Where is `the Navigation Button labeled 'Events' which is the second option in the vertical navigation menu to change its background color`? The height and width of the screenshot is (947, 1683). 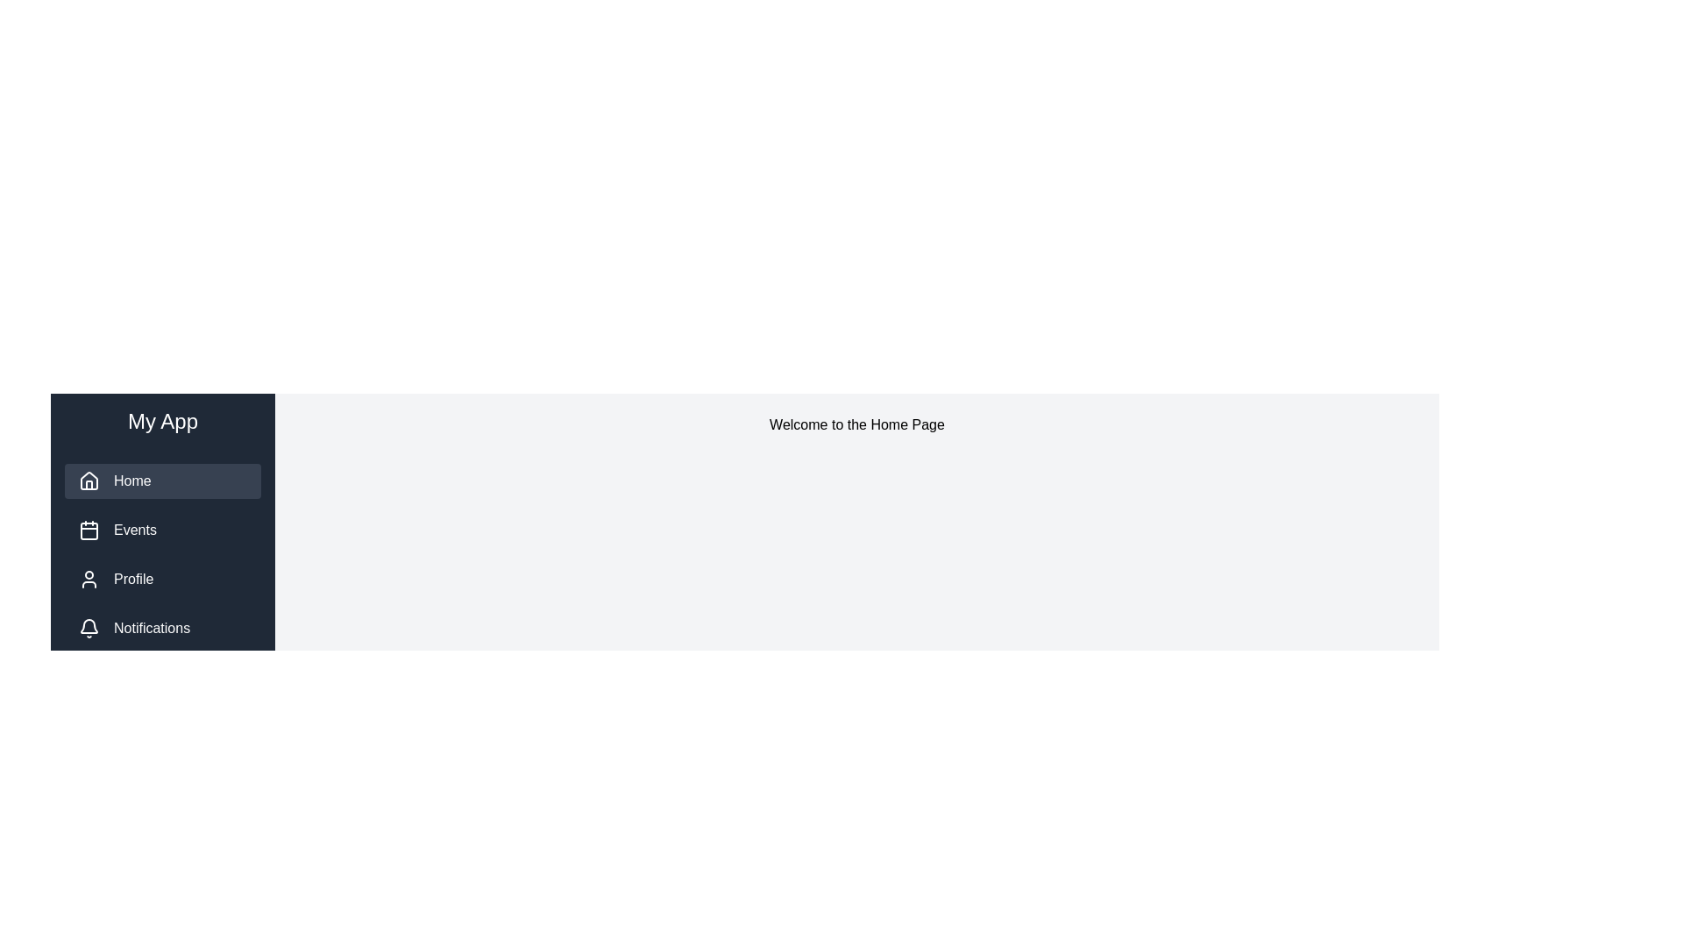
the Navigation Button labeled 'Events' which is the second option in the vertical navigation menu to change its background color is located at coordinates (163, 530).